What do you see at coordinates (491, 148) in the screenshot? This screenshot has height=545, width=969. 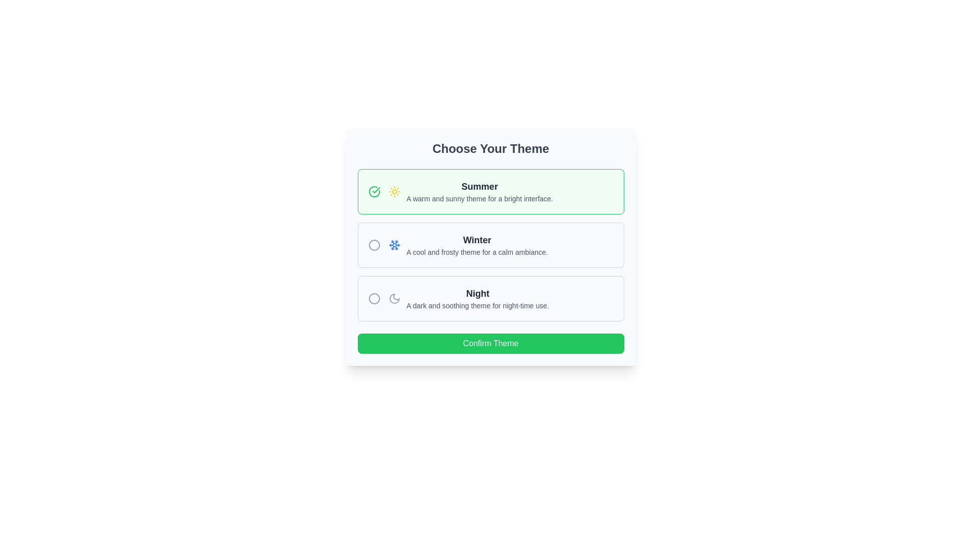 I see `text label stating 'Choose Your Theme', which is styled in large, bold, uppercase lettering located in the top section of the interface, above theme selection items and a confirmation button` at bounding box center [491, 148].